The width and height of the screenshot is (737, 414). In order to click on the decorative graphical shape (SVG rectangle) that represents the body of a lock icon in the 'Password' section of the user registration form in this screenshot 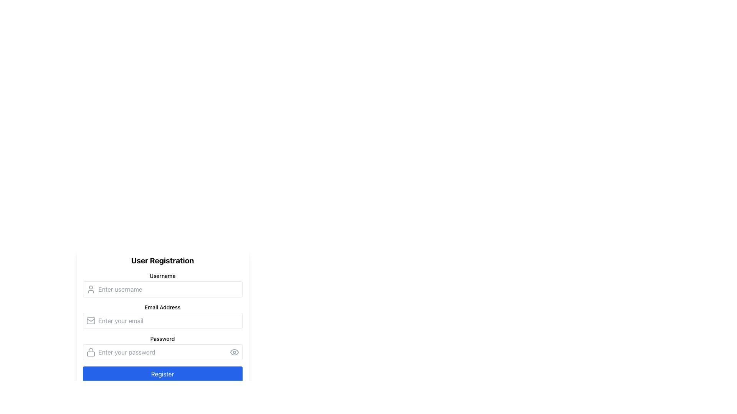, I will do `click(91, 354)`.